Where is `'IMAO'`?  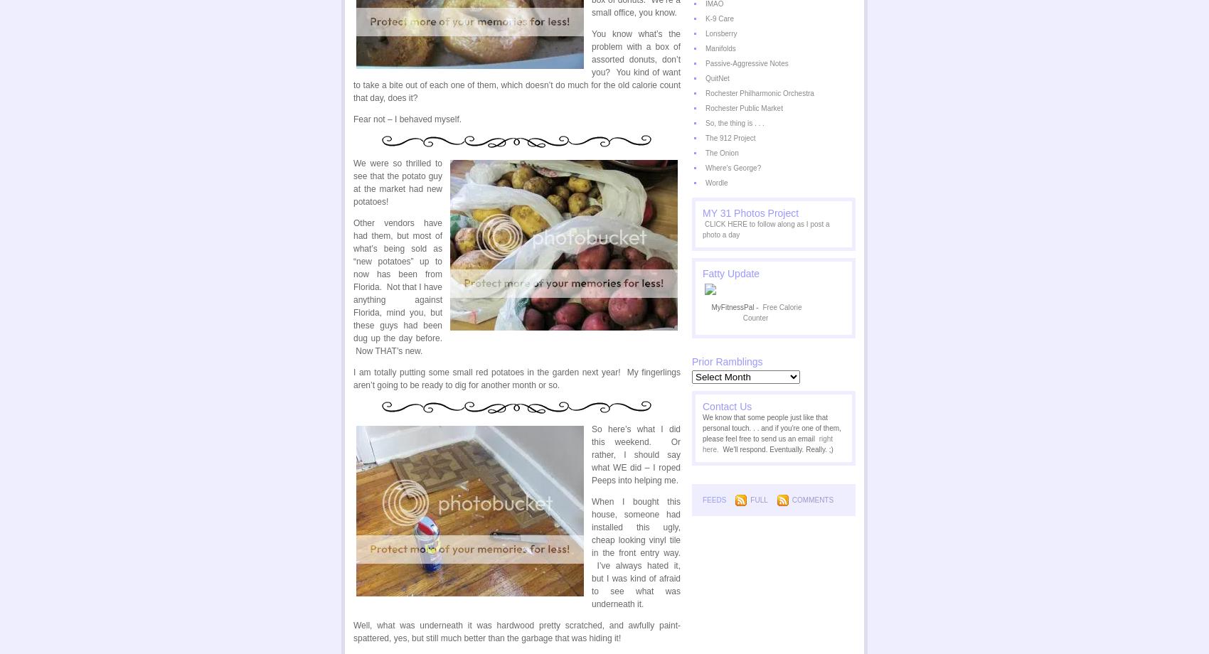 'IMAO' is located at coordinates (713, 4).